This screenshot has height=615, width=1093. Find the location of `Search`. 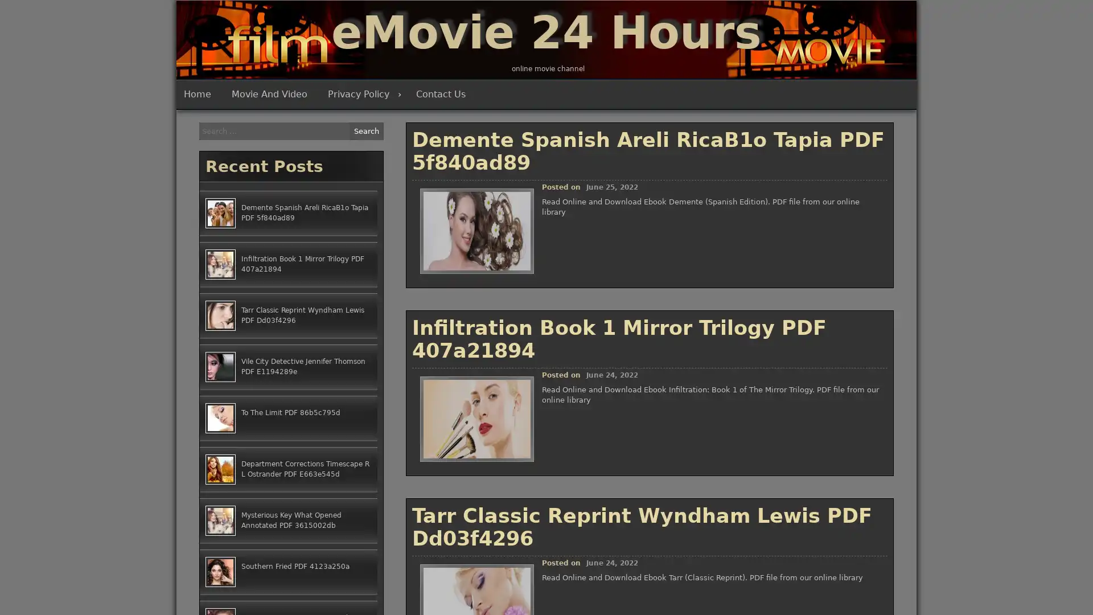

Search is located at coordinates (366, 130).